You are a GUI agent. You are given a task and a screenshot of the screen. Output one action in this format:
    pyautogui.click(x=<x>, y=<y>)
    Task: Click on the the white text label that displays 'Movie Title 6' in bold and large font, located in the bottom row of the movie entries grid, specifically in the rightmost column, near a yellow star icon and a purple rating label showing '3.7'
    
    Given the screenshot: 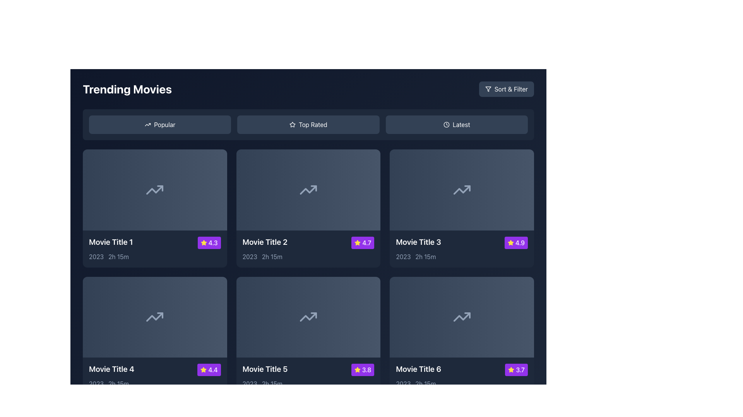 What is the action you would take?
    pyautogui.click(x=418, y=369)
    